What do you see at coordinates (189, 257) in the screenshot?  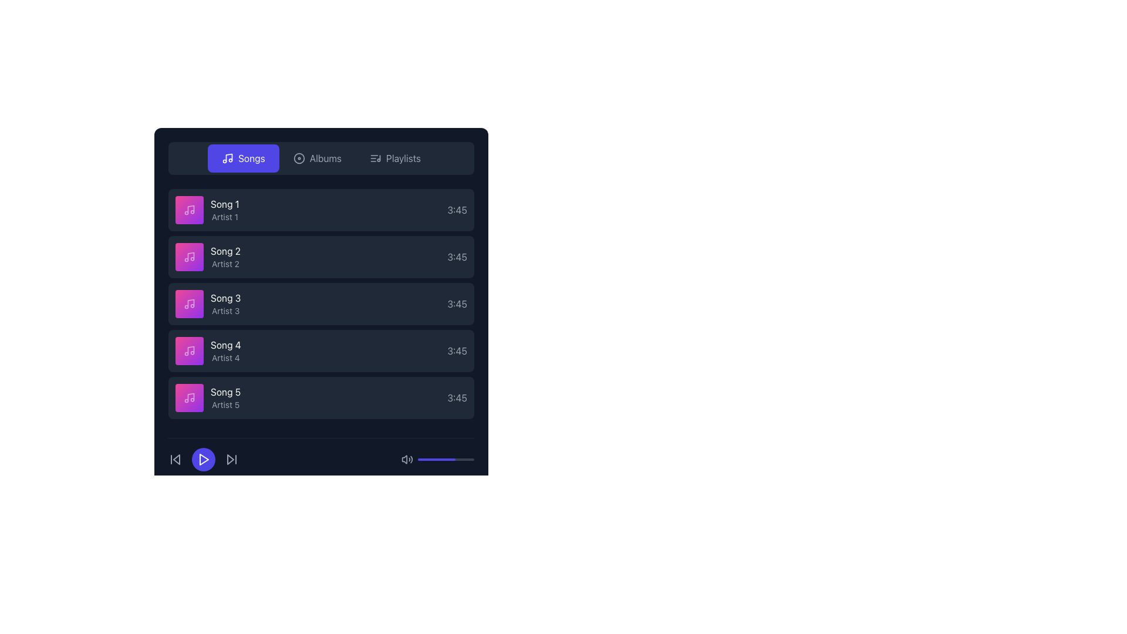 I see `the icon for the song 'Song 2', located to the left of the text 'Song 2' and 'Artist 2' in the vertically-listed song list` at bounding box center [189, 257].